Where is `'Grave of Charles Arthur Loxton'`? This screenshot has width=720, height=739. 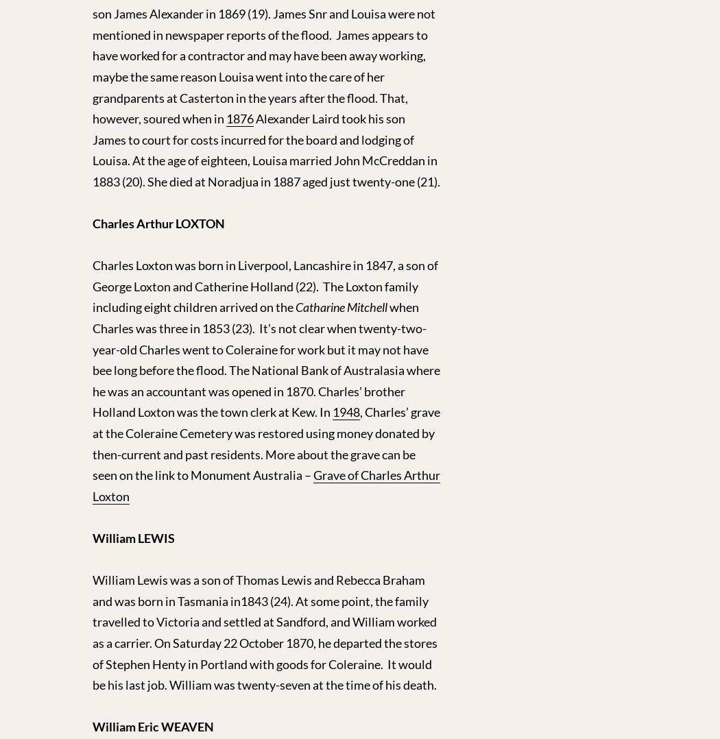 'Grave of Charles Arthur Loxton' is located at coordinates (266, 485).